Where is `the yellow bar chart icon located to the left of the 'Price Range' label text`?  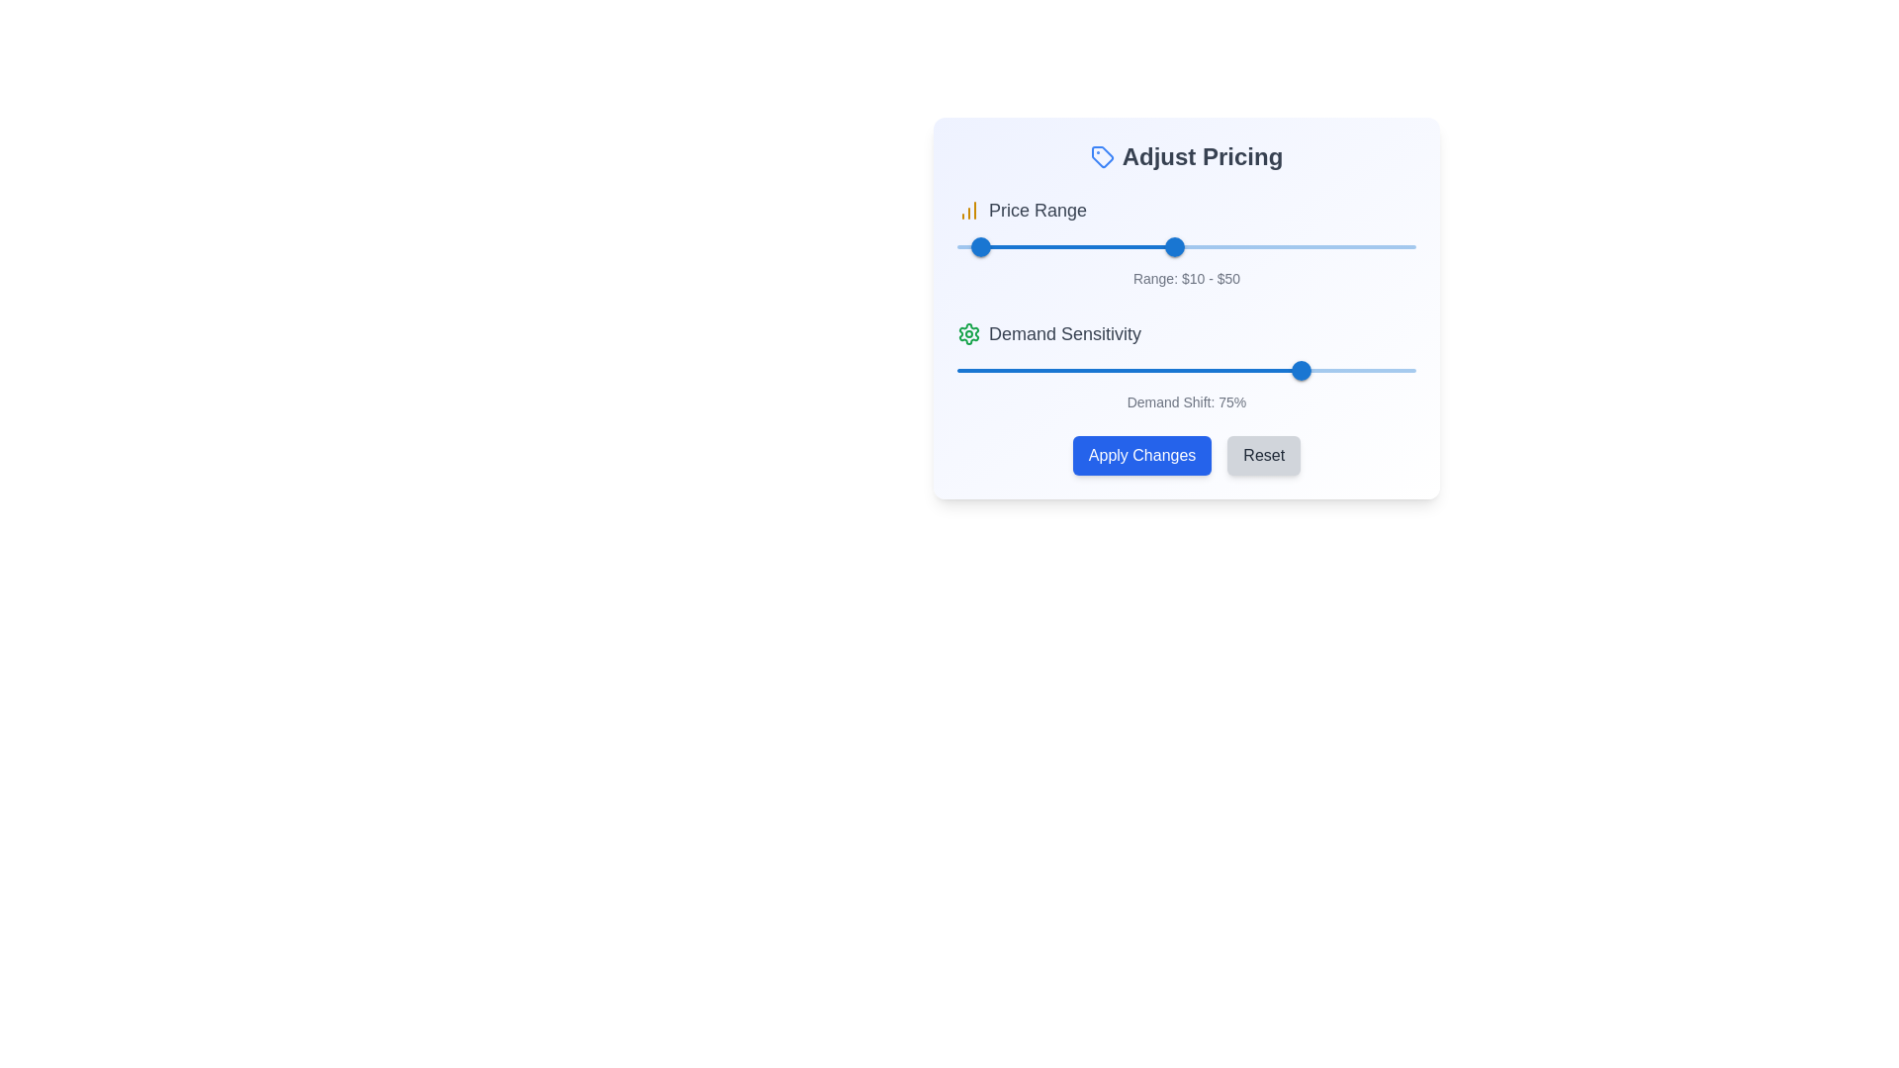
the yellow bar chart icon located to the left of the 'Price Range' label text is located at coordinates (968, 210).